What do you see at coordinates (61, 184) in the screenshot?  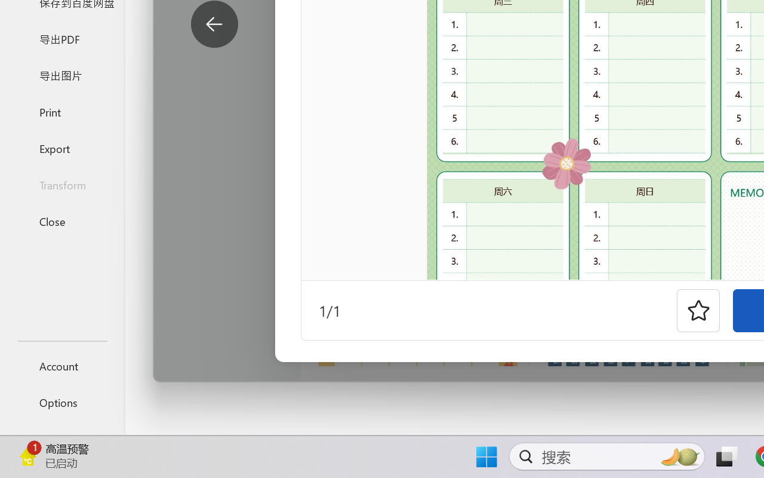 I see `'Transform'` at bounding box center [61, 184].